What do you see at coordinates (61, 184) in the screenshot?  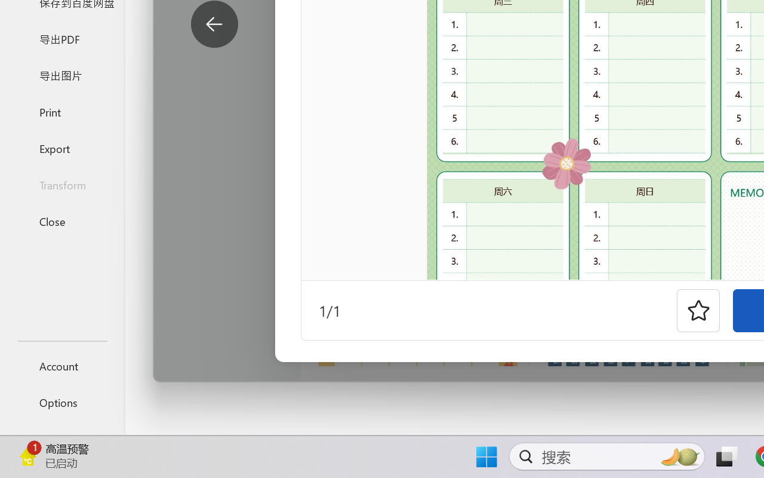 I see `'Transform'` at bounding box center [61, 184].